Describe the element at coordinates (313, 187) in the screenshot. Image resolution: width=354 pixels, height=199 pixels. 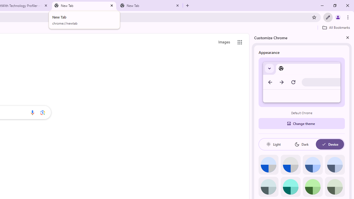
I see `'Green'` at that location.